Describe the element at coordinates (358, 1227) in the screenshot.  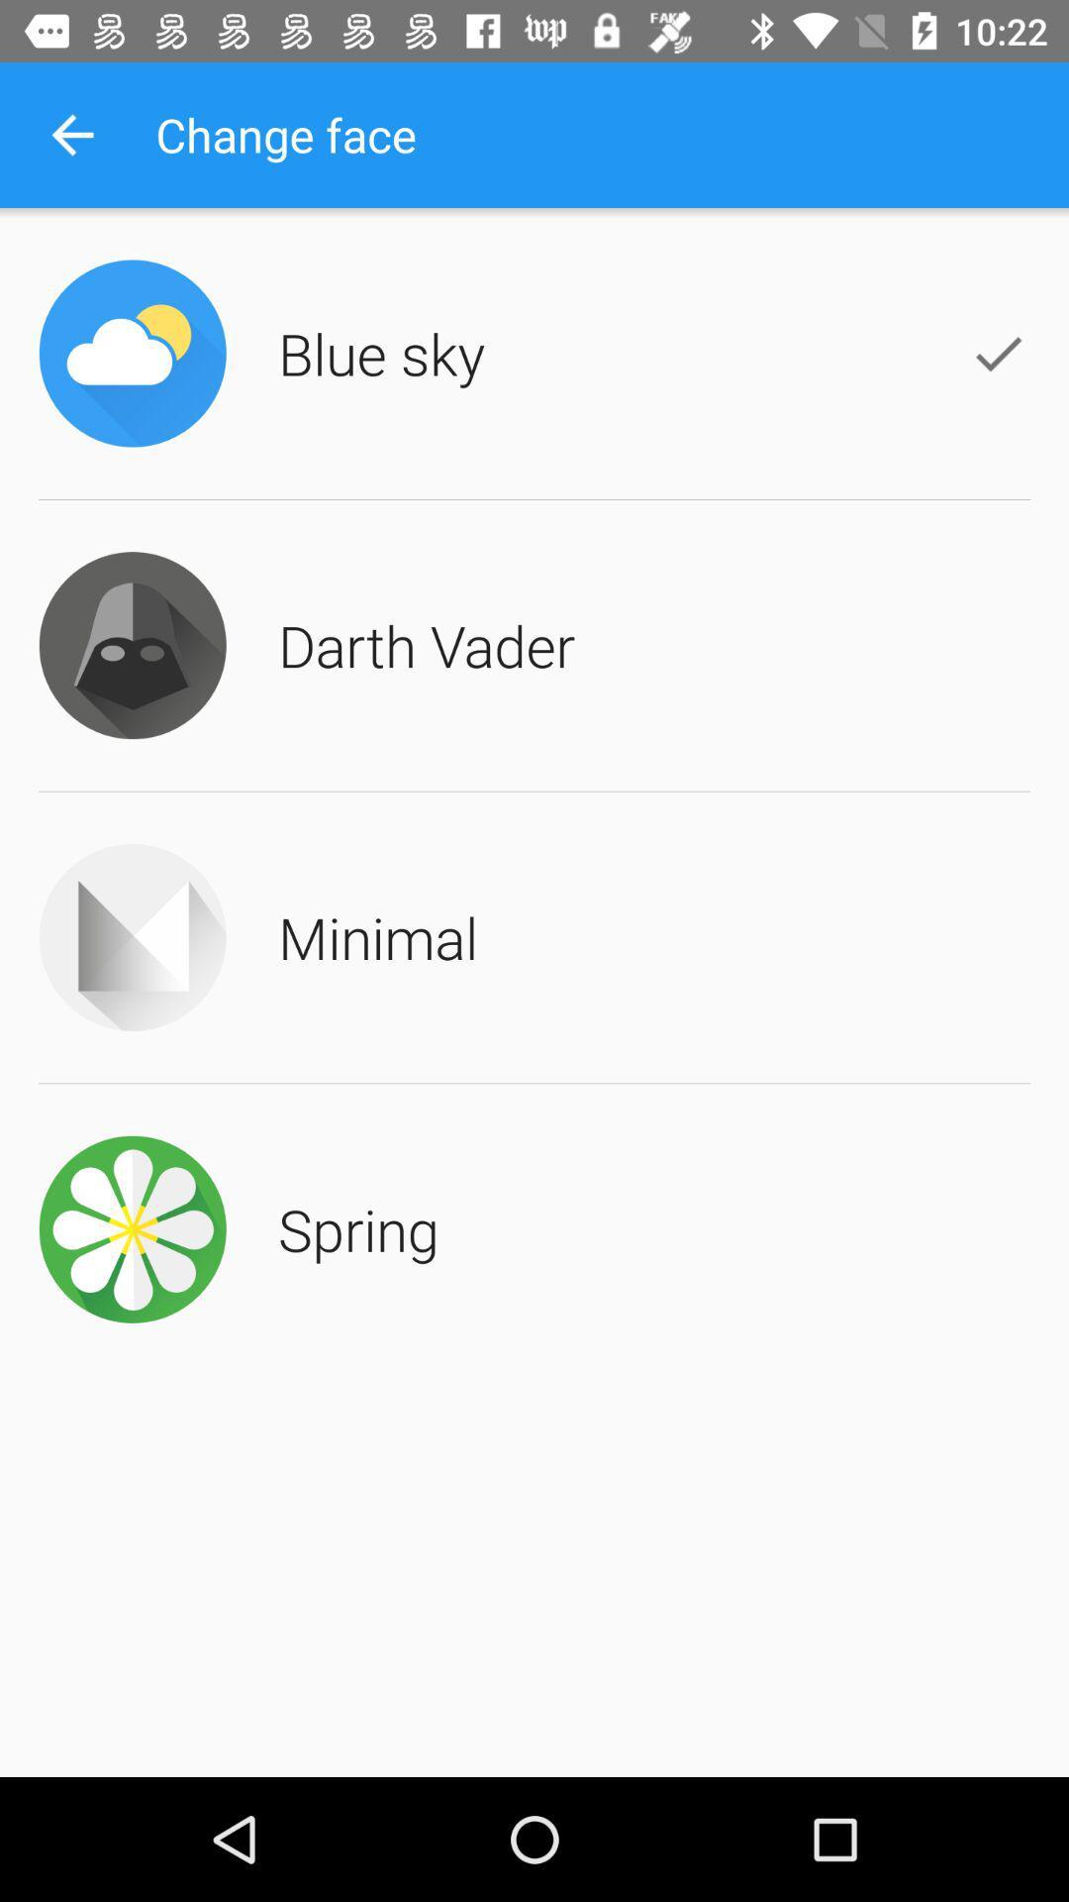
I see `the item below the minimal` at that location.